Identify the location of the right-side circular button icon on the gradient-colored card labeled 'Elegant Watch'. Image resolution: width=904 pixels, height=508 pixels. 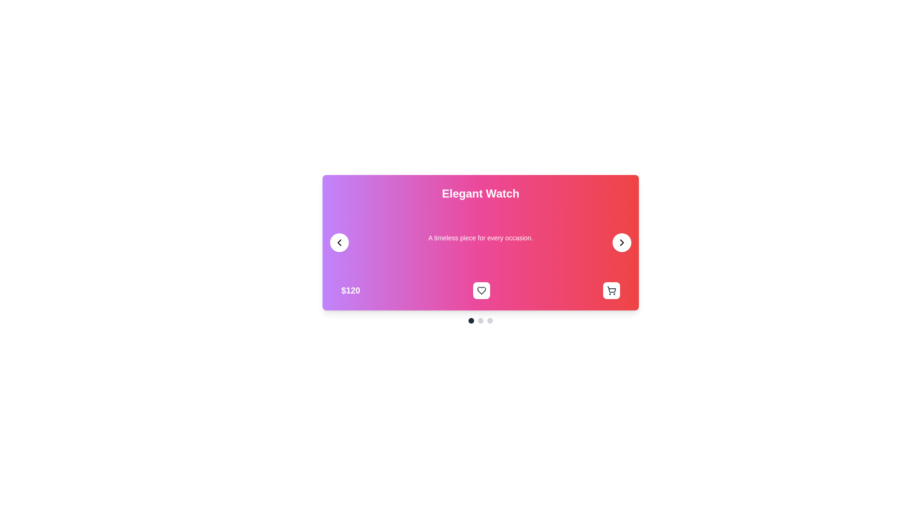
(621, 242).